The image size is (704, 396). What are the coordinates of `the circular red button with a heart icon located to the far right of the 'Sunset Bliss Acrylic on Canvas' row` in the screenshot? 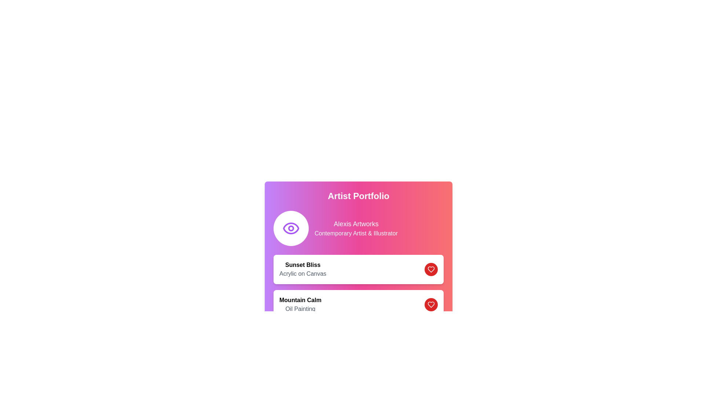 It's located at (431, 269).